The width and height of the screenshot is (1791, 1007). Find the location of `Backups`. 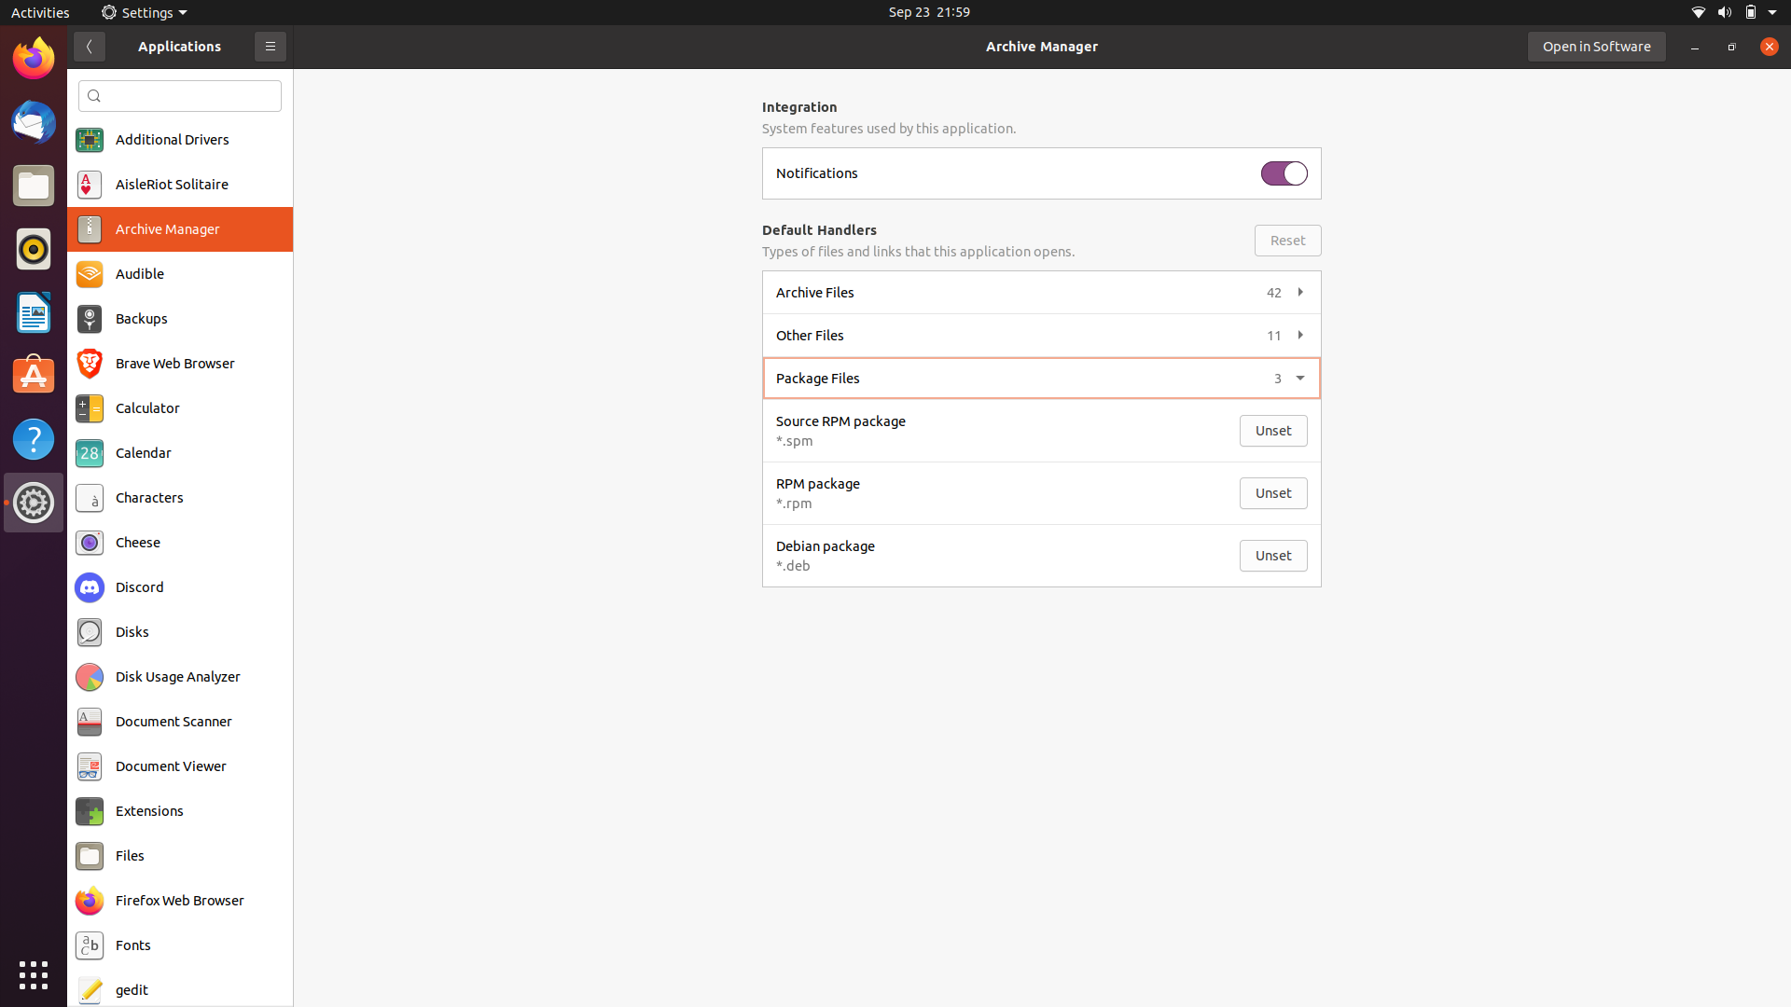

Backups is located at coordinates (179, 320).